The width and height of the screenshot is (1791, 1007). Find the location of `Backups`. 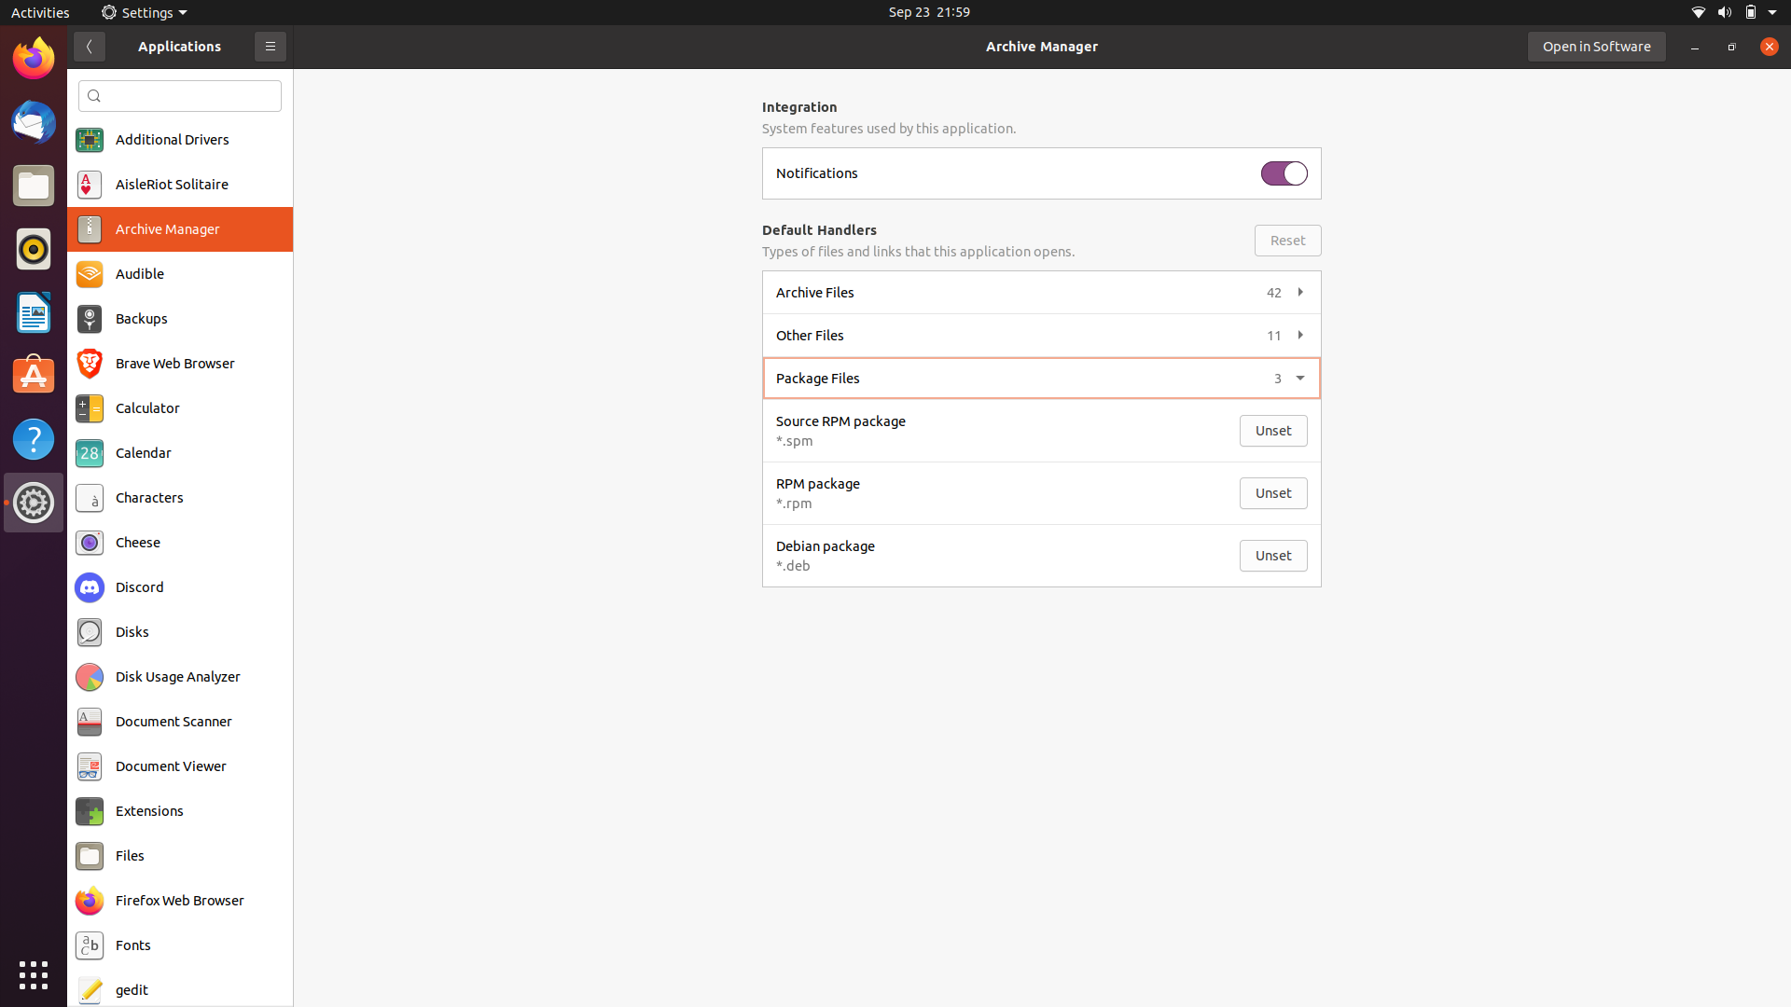

Backups is located at coordinates (179, 320).